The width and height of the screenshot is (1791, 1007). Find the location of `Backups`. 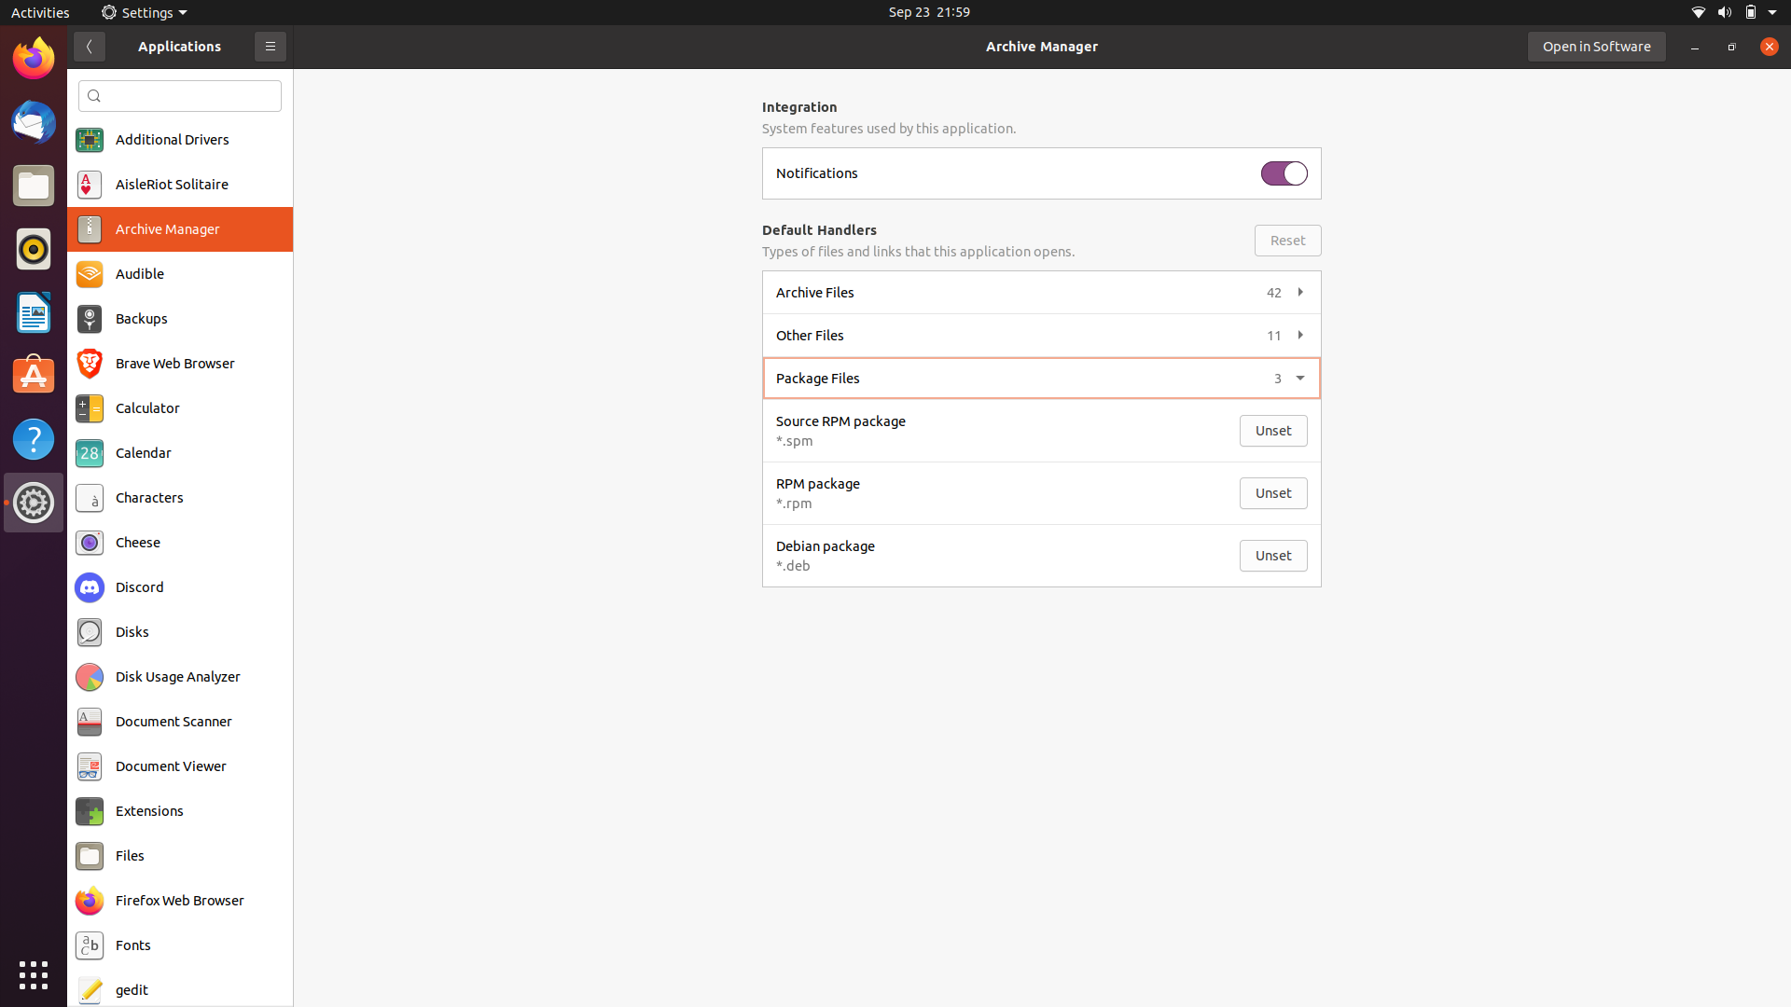

Backups is located at coordinates (179, 320).